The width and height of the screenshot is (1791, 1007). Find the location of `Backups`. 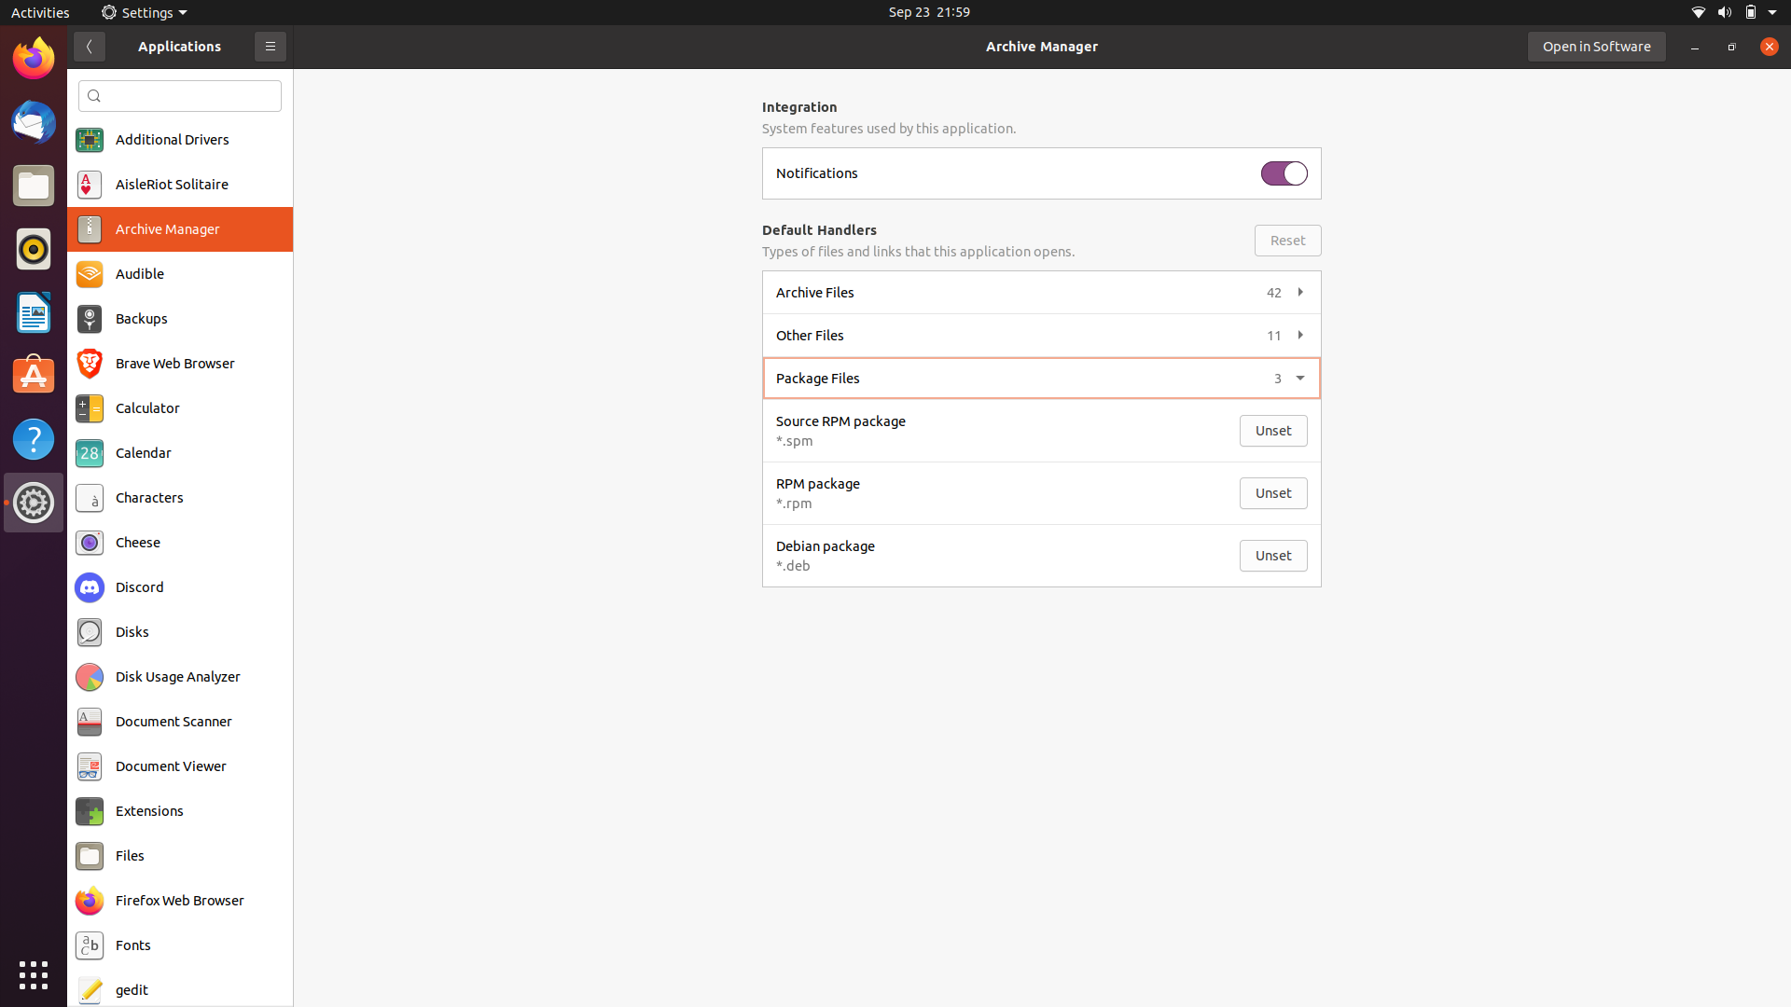

Backups is located at coordinates (179, 320).